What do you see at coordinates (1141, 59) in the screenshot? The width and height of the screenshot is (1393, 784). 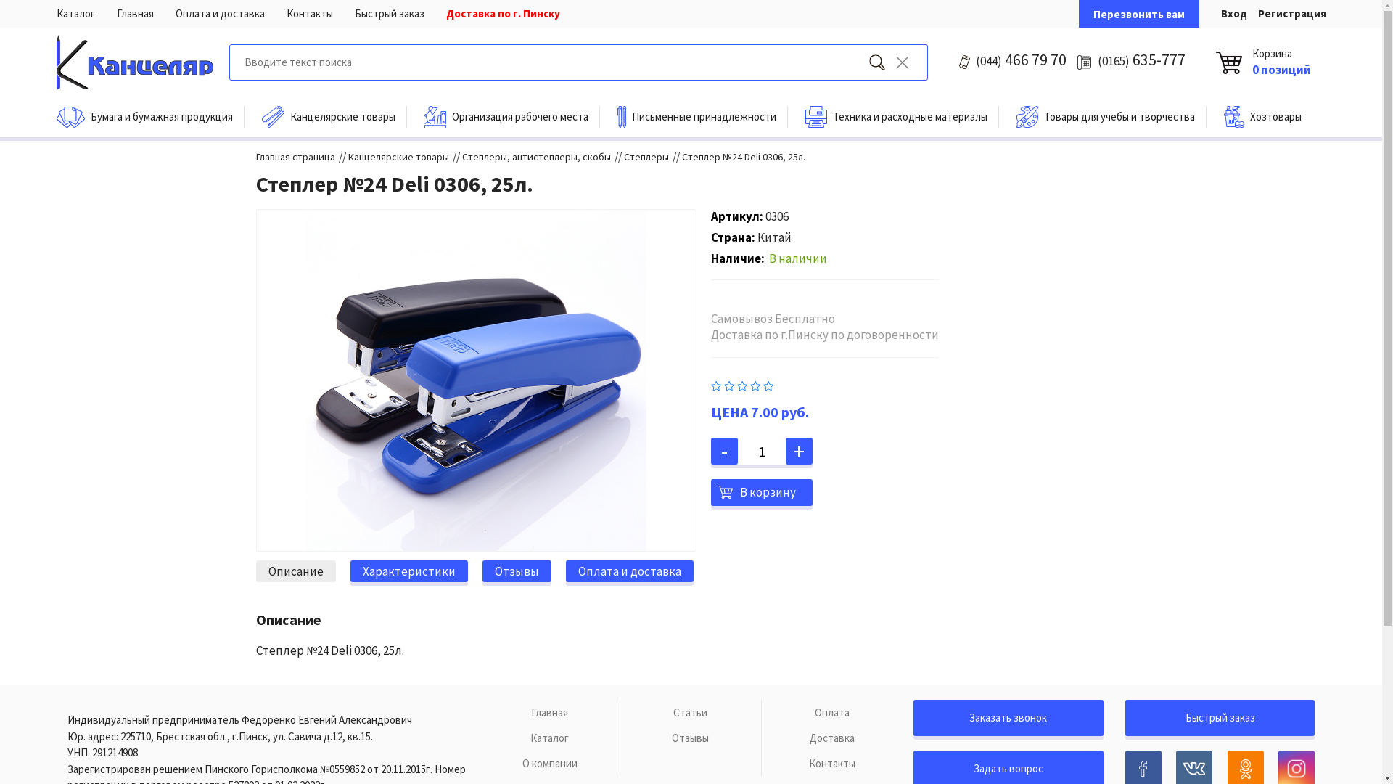 I see `'(0165) 635-777'` at bounding box center [1141, 59].